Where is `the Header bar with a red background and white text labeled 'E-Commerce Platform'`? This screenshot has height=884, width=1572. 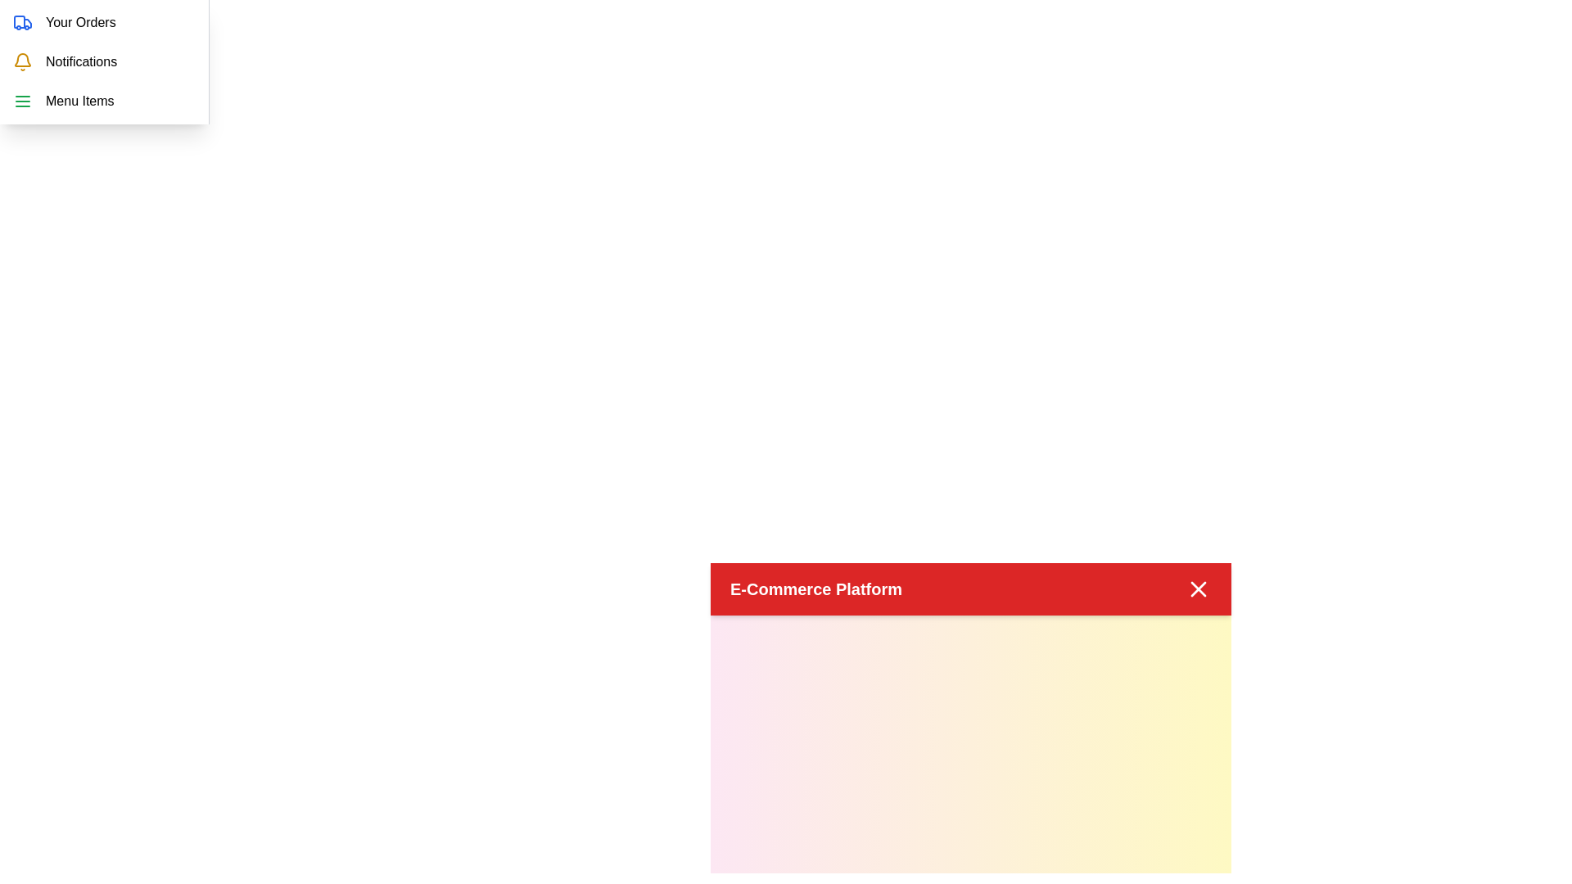 the Header bar with a red background and white text labeled 'E-Commerce Platform' is located at coordinates (970, 589).